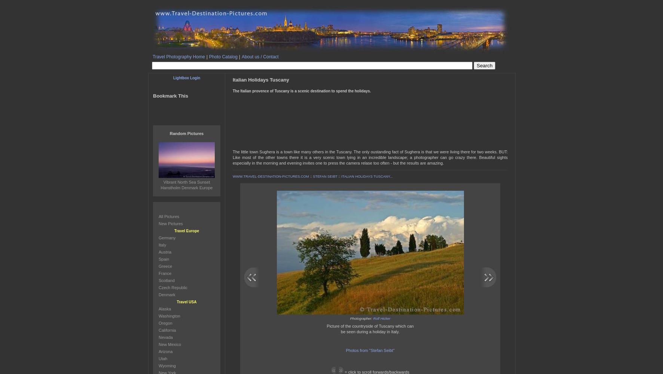 This screenshot has height=374, width=663. What do you see at coordinates (186, 77) in the screenshot?
I see `'Lightbox Login'` at bounding box center [186, 77].